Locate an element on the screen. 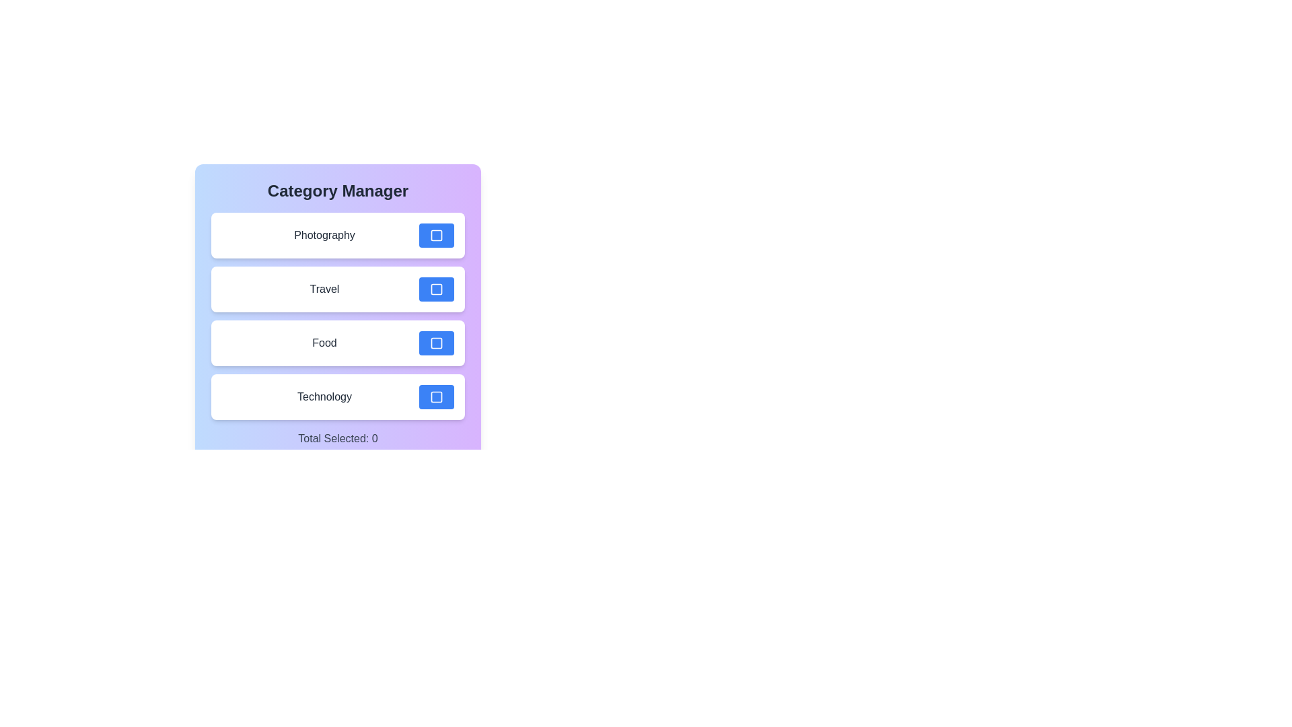 This screenshot has width=1292, height=727. the toggle button for the Food category is located at coordinates (436, 342).